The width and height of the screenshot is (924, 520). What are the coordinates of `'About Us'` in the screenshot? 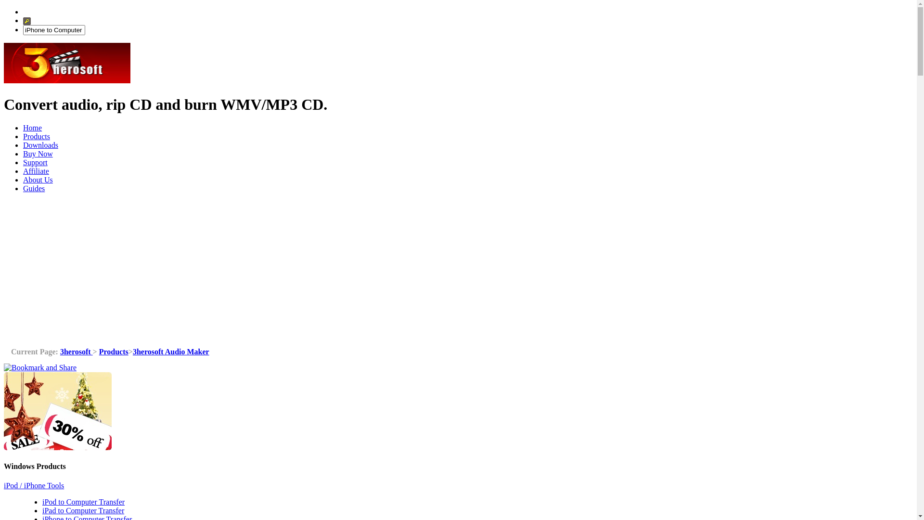 It's located at (23, 180).